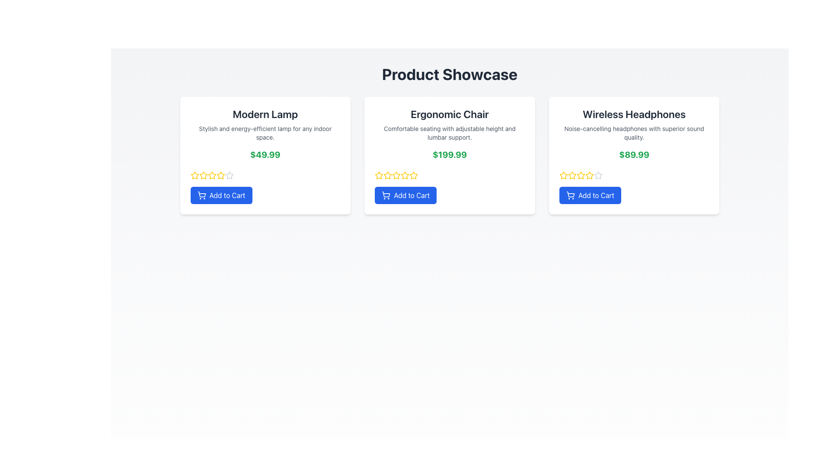 This screenshot has height=467, width=830. Describe the element at coordinates (265, 154) in the screenshot. I see `the price display element for the 'Modern Lamp' product, located centrally in the product showcase card, positioned below the product description and above the star ratings` at that location.